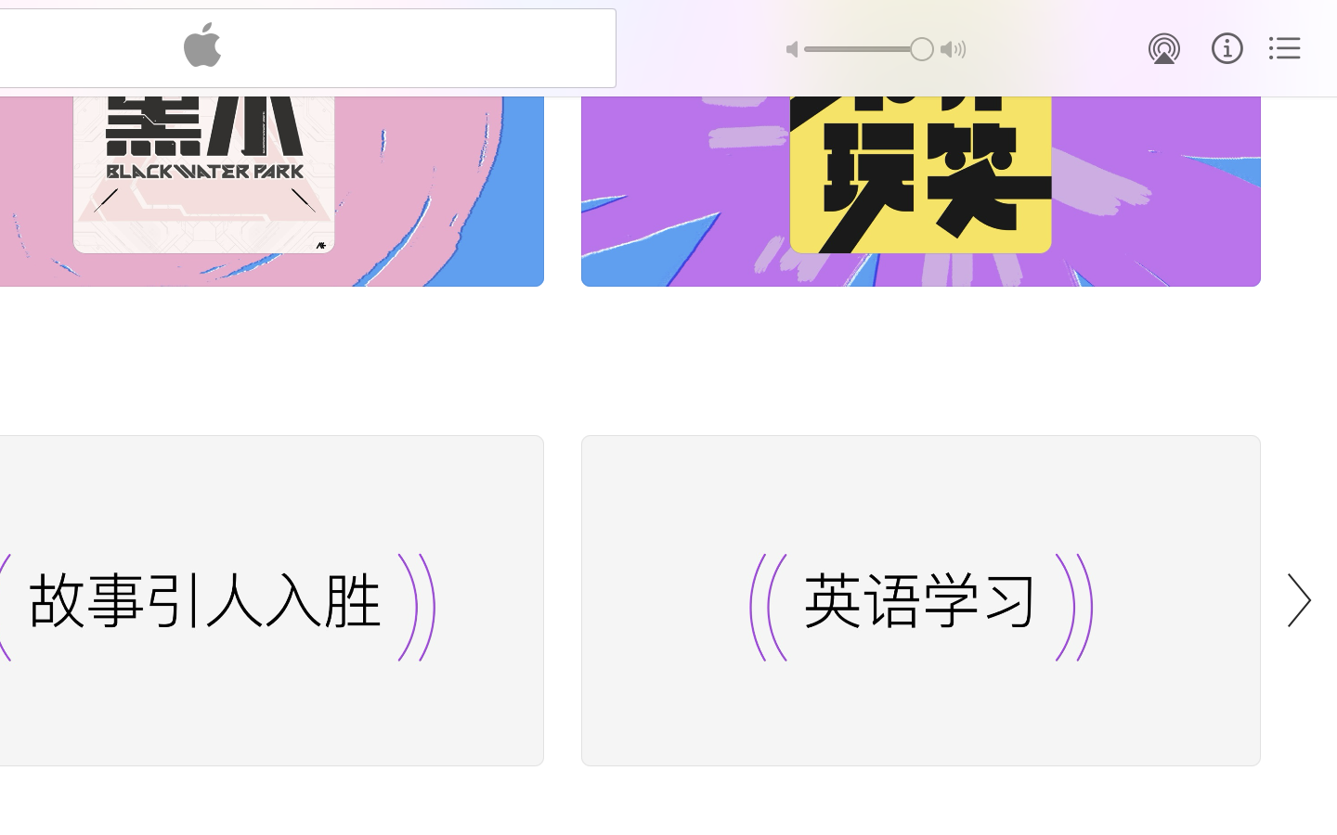 This screenshot has width=1337, height=835. Describe the element at coordinates (869, 48) in the screenshot. I see `'1.0'` at that location.